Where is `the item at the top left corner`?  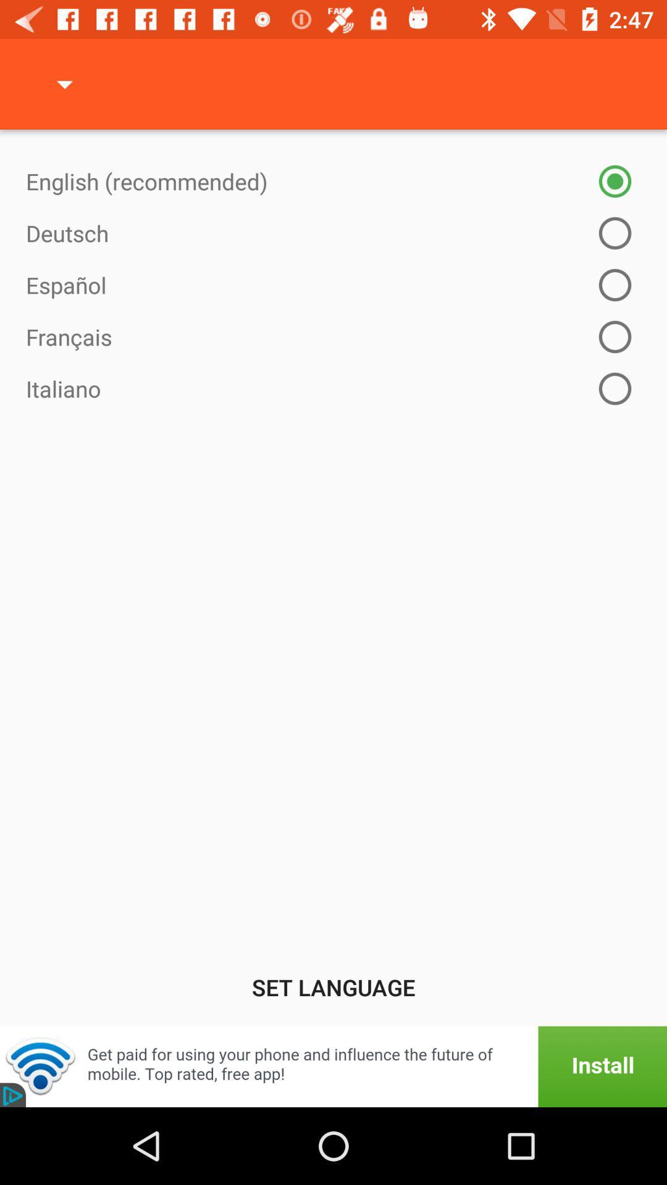
the item at the top left corner is located at coordinates (64, 83).